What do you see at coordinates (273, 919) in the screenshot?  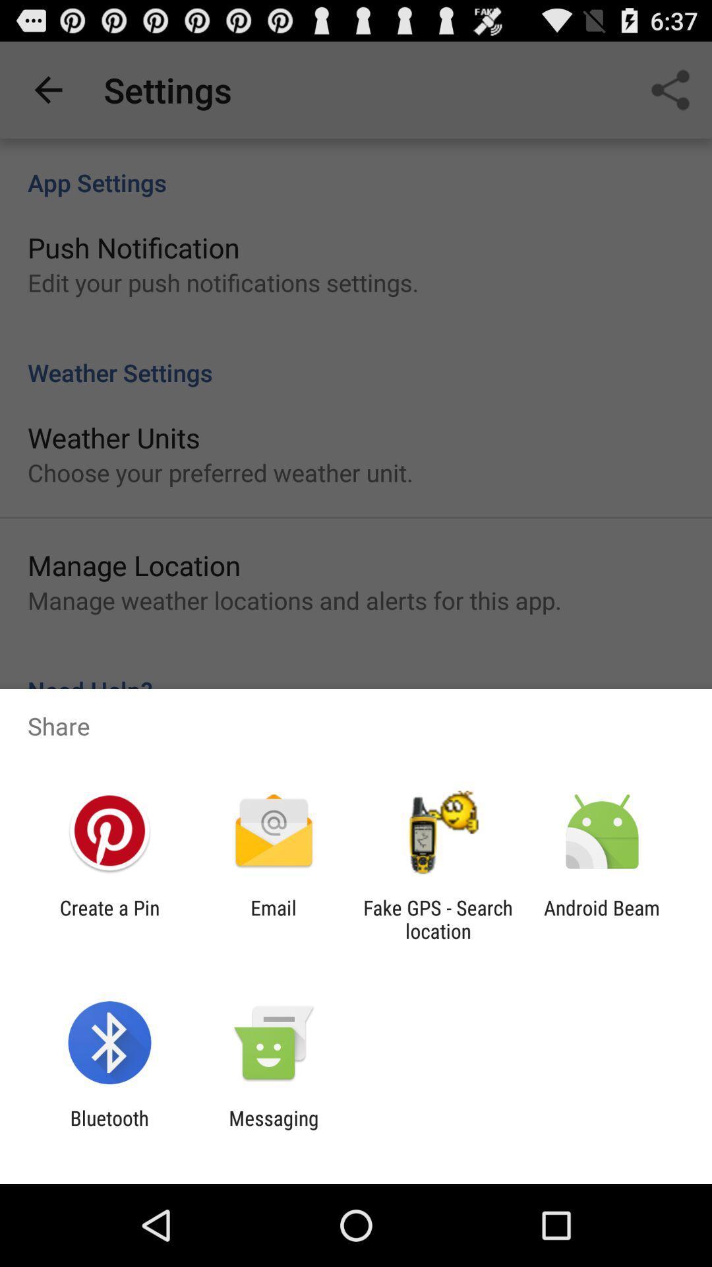 I see `the icon next to the fake gps search app` at bounding box center [273, 919].